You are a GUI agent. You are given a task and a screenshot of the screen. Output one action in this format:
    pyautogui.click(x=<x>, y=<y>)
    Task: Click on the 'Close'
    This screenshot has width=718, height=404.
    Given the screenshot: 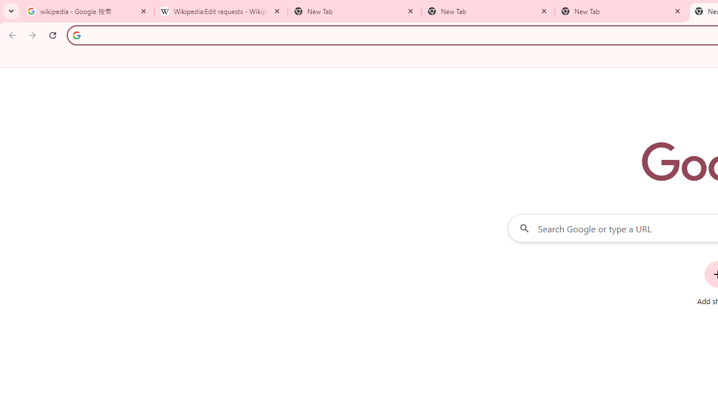 What is the action you would take?
    pyautogui.click(x=677, y=11)
    